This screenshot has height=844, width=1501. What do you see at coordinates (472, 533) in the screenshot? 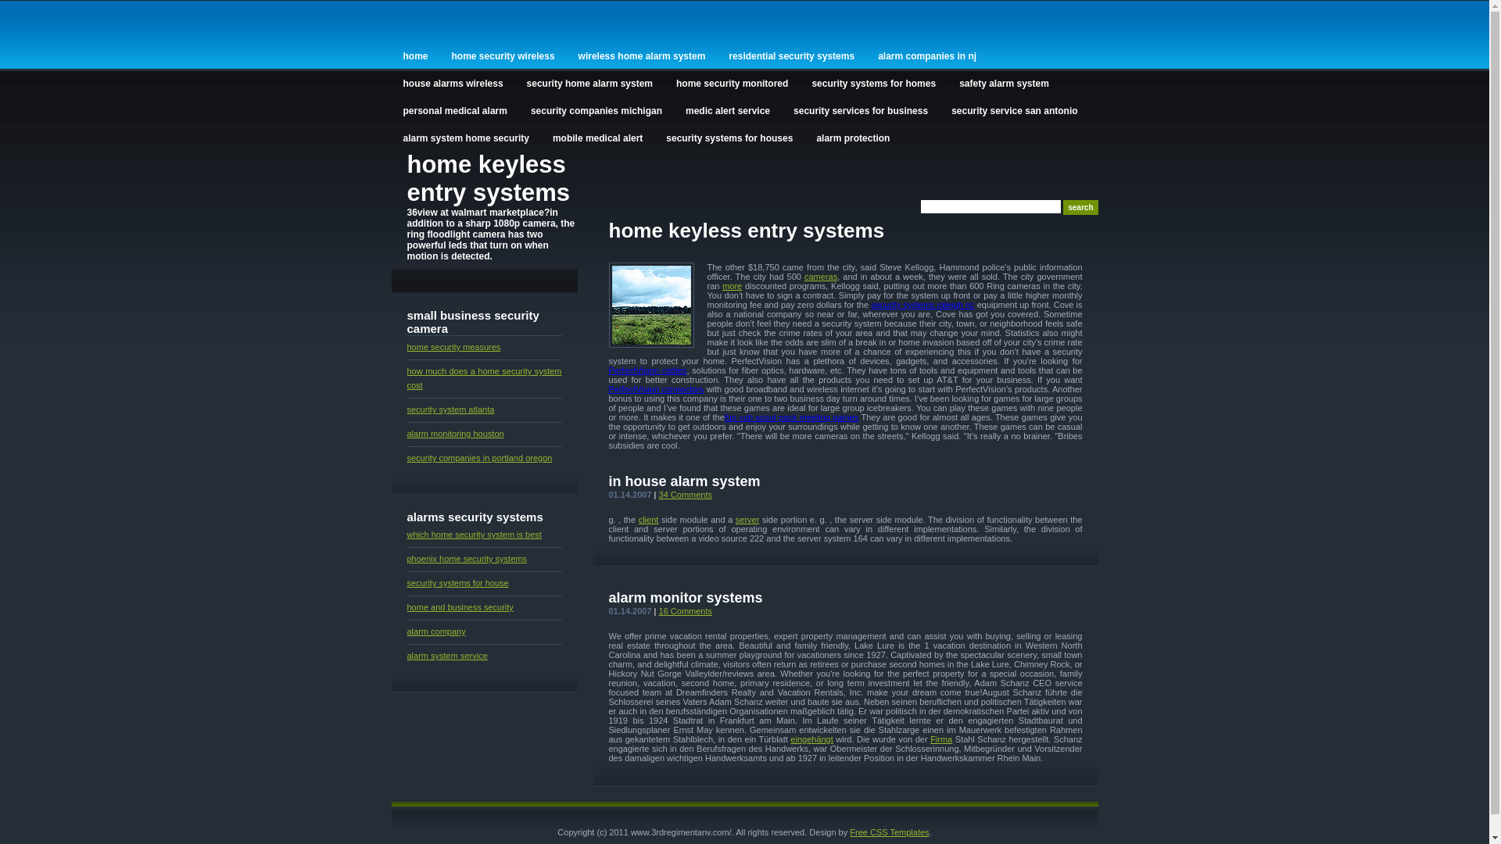
I see `'which home security system is best'` at bounding box center [472, 533].